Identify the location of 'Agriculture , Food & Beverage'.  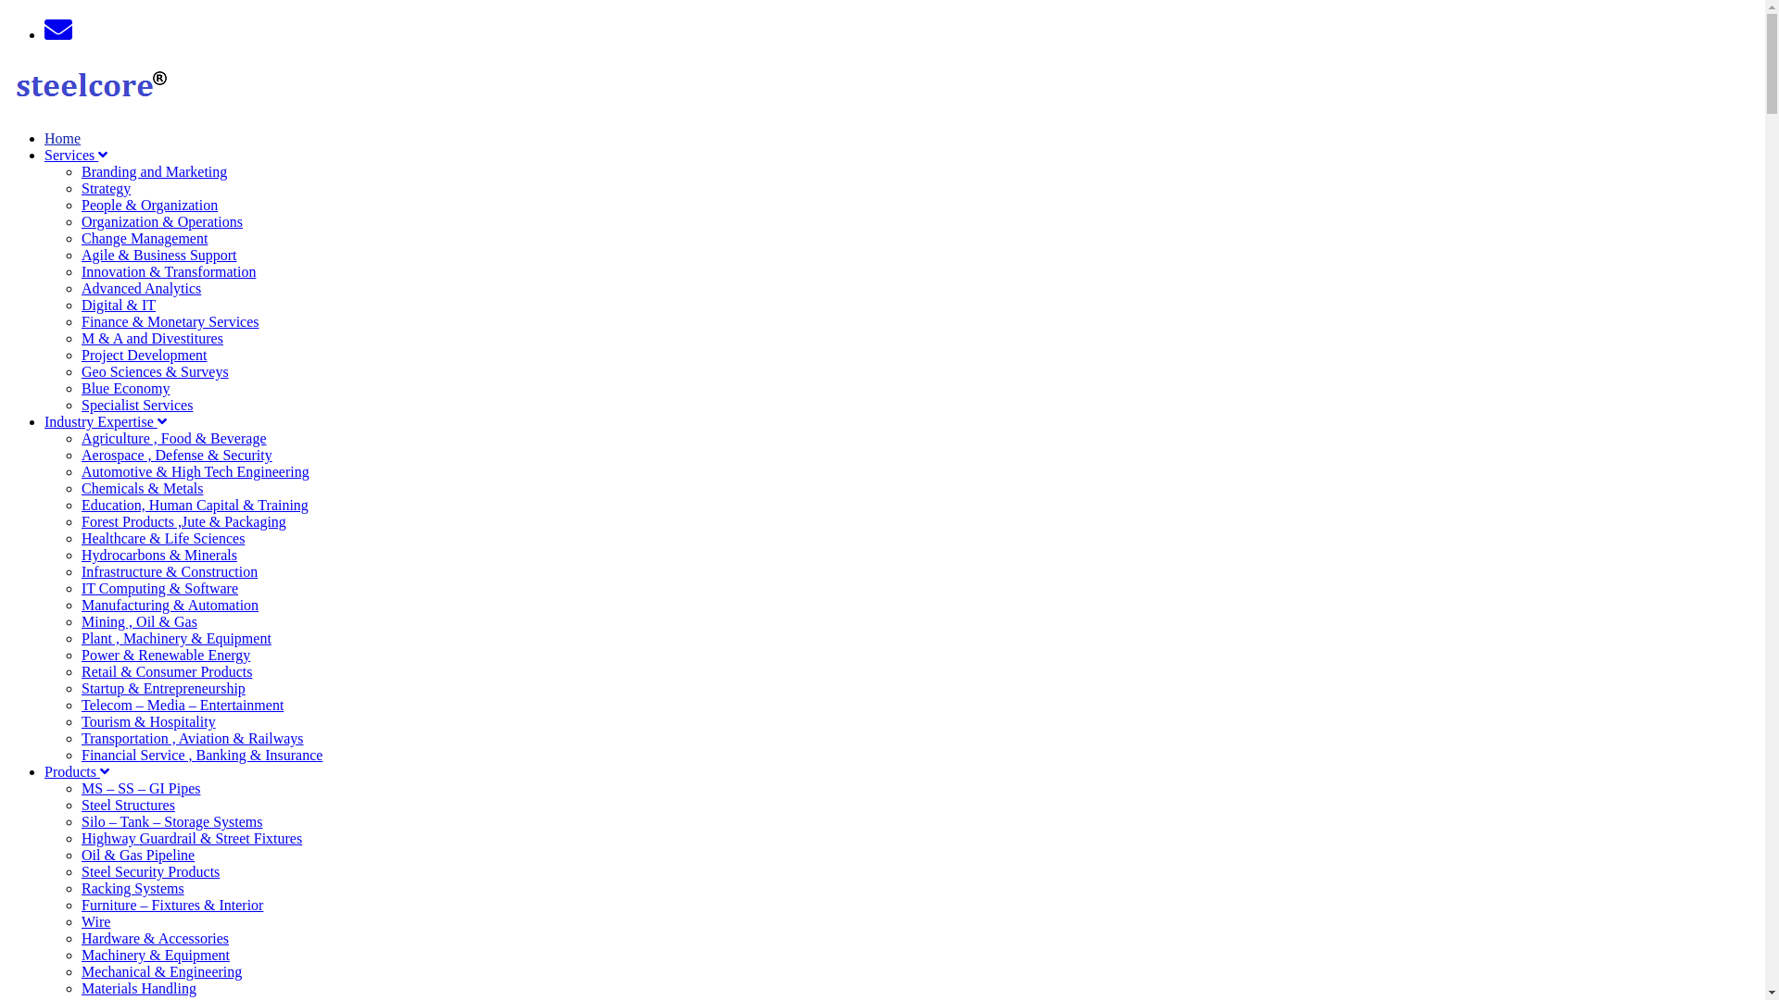
(173, 438).